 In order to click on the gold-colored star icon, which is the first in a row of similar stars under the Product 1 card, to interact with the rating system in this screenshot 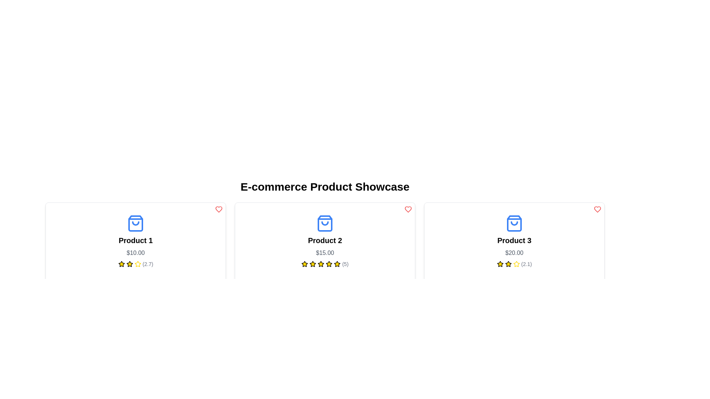, I will do `click(121, 263)`.